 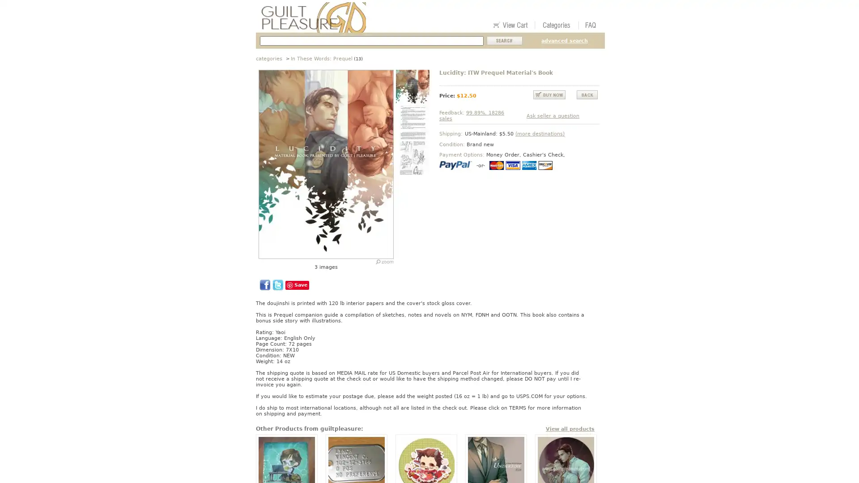 What do you see at coordinates (505, 41) in the screenshot?
I see `Submit` at bounding box center [505, 41].